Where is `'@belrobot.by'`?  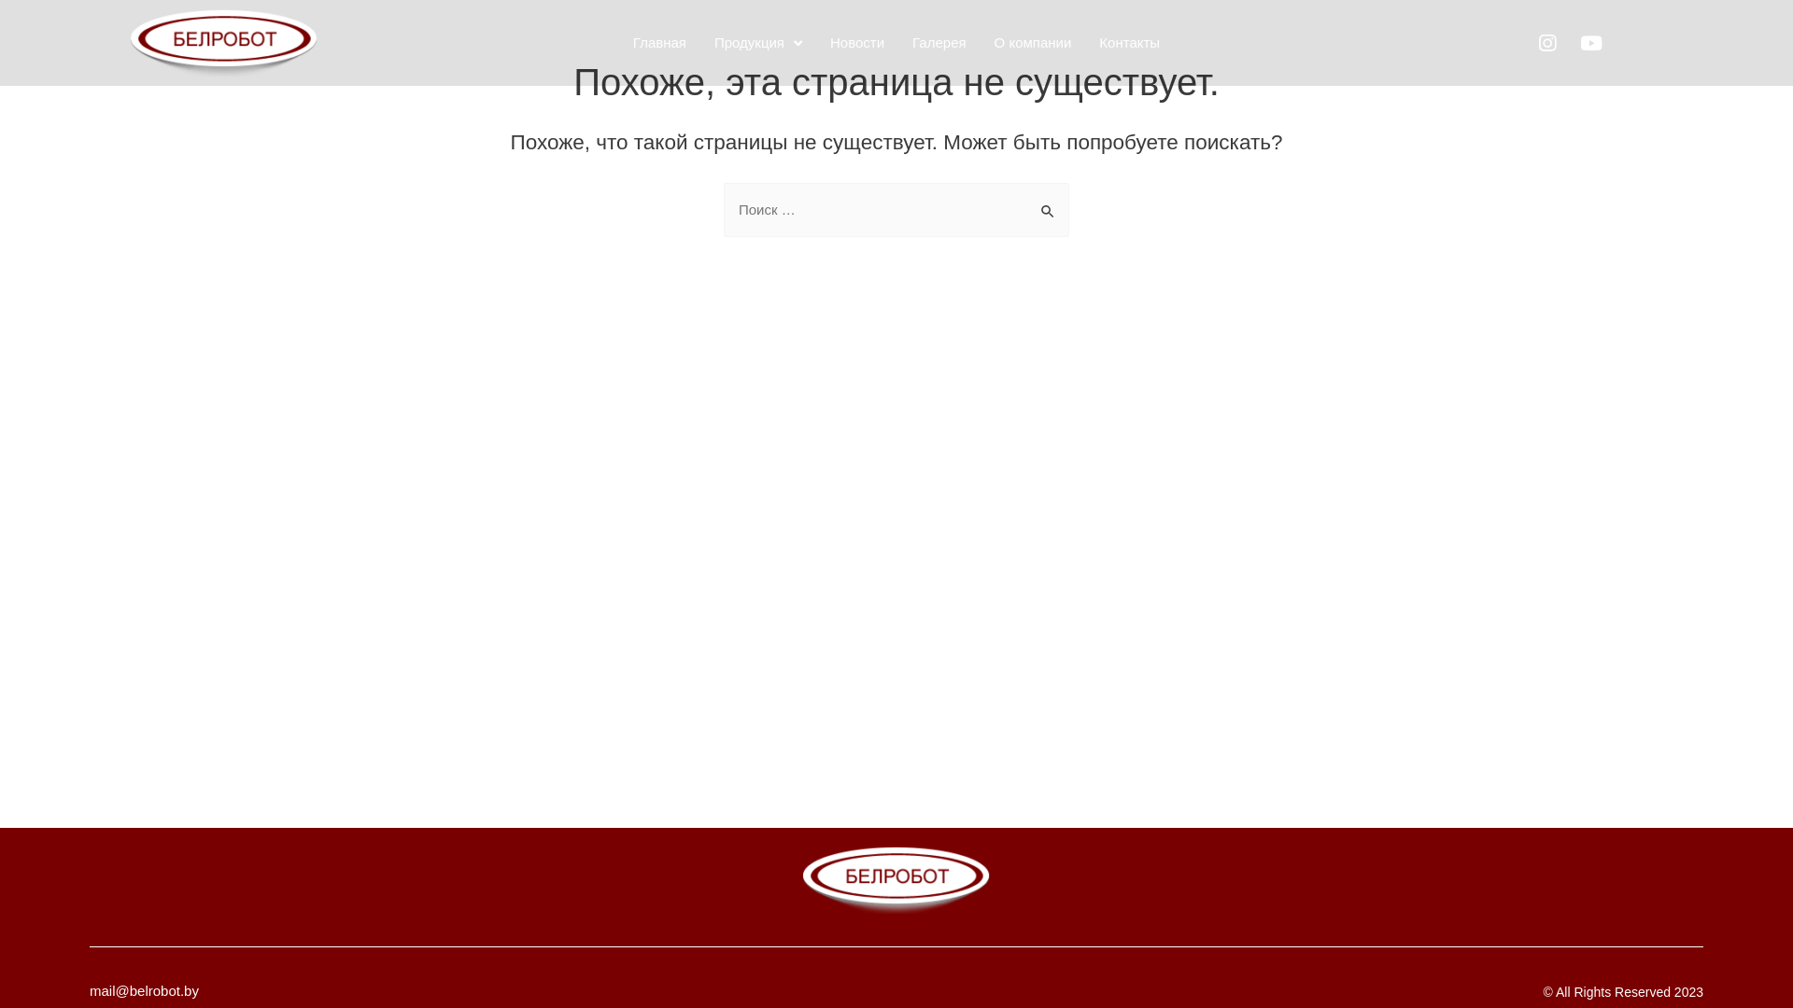
'@belrobot.by' is located at coordinates (157, 989).